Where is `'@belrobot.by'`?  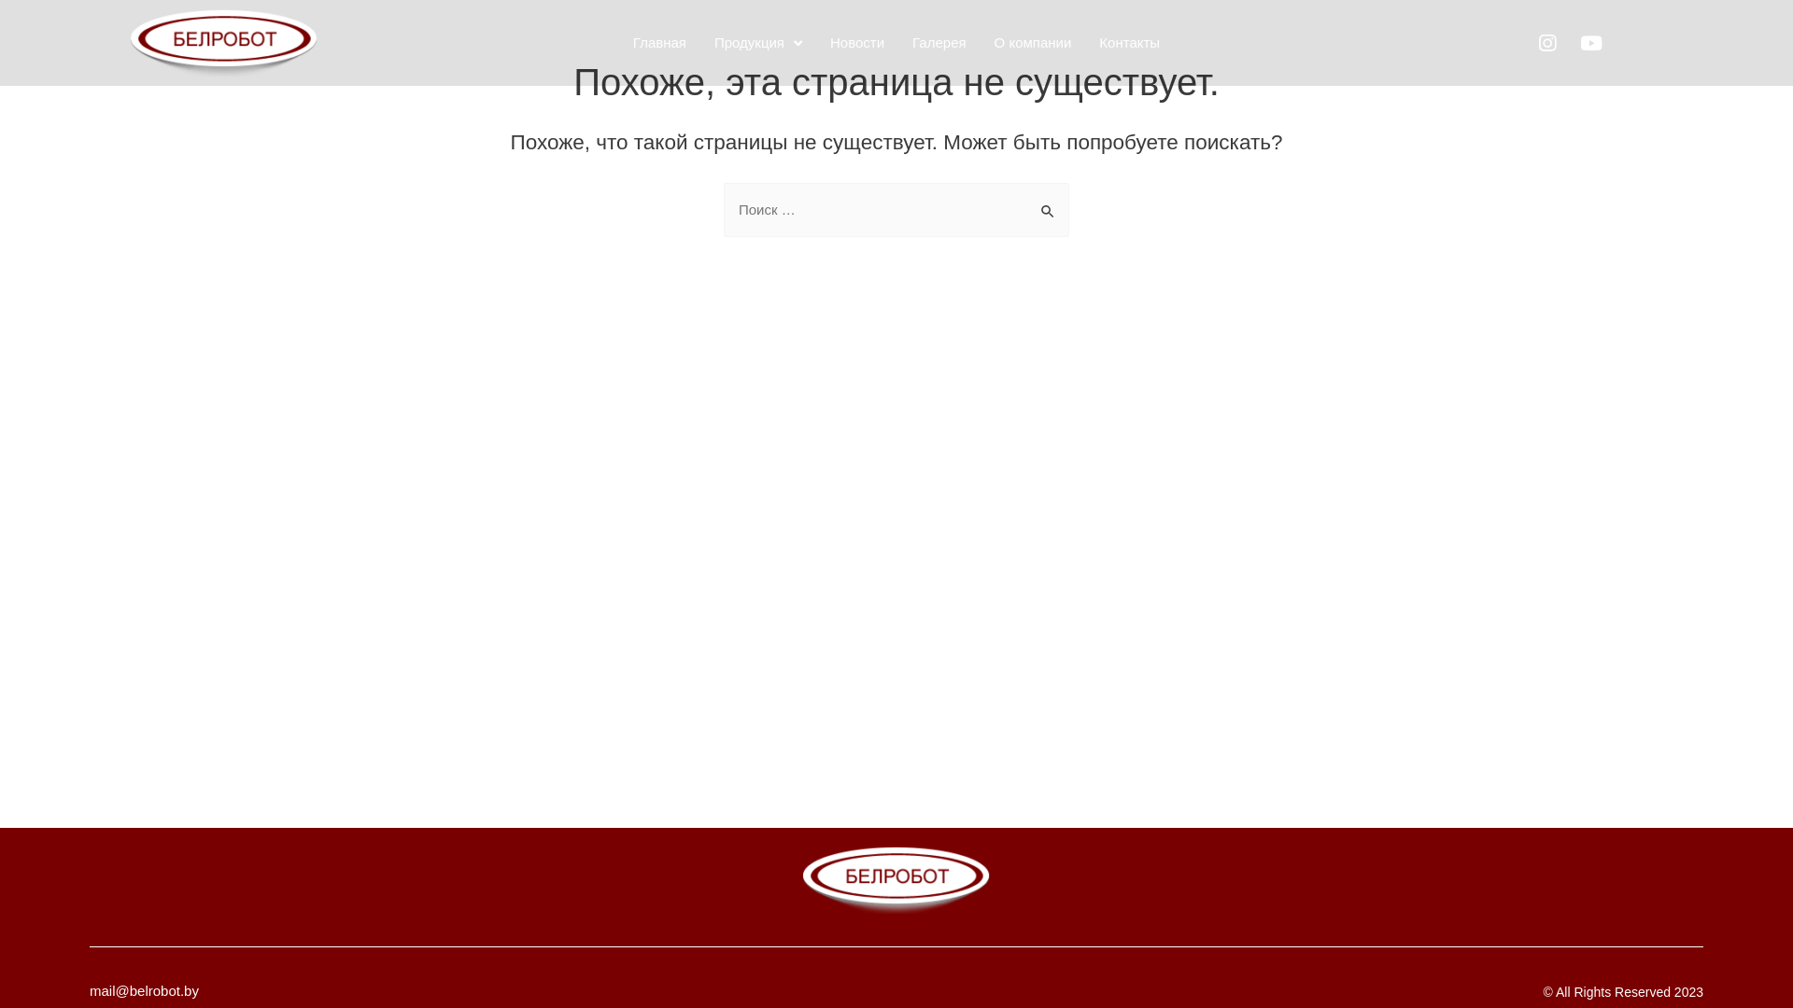
'@belrobot.by' is located at coordinates (157, 989).